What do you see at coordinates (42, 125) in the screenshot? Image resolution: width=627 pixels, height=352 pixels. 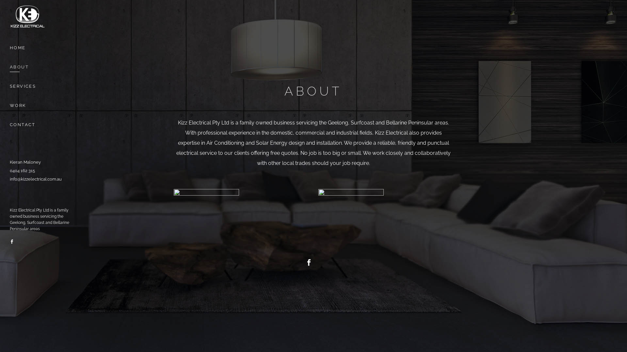 I see `'CONTACT'` at bounding box center [42, 125].